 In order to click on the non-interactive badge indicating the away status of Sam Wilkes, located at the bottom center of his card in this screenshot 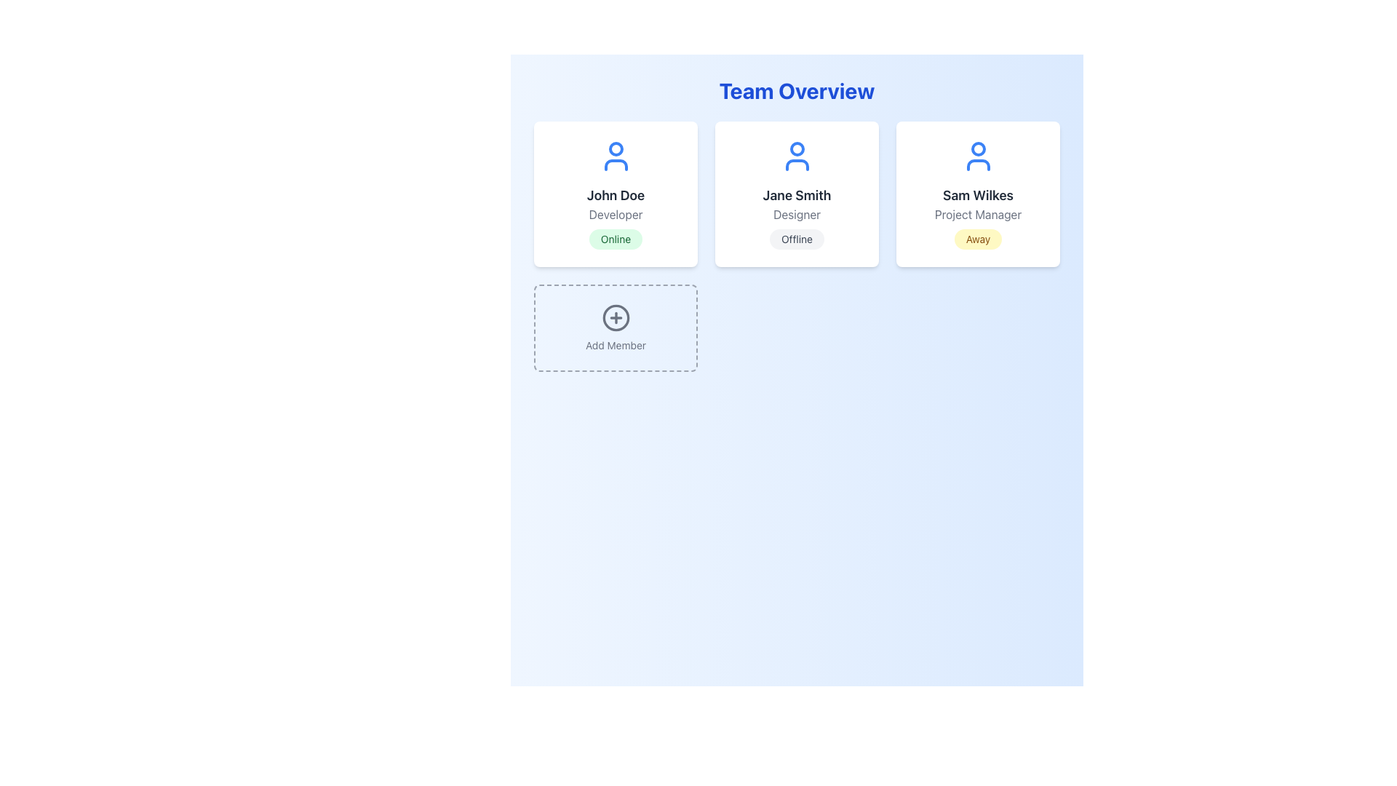, I will do `click(978, 238)`.